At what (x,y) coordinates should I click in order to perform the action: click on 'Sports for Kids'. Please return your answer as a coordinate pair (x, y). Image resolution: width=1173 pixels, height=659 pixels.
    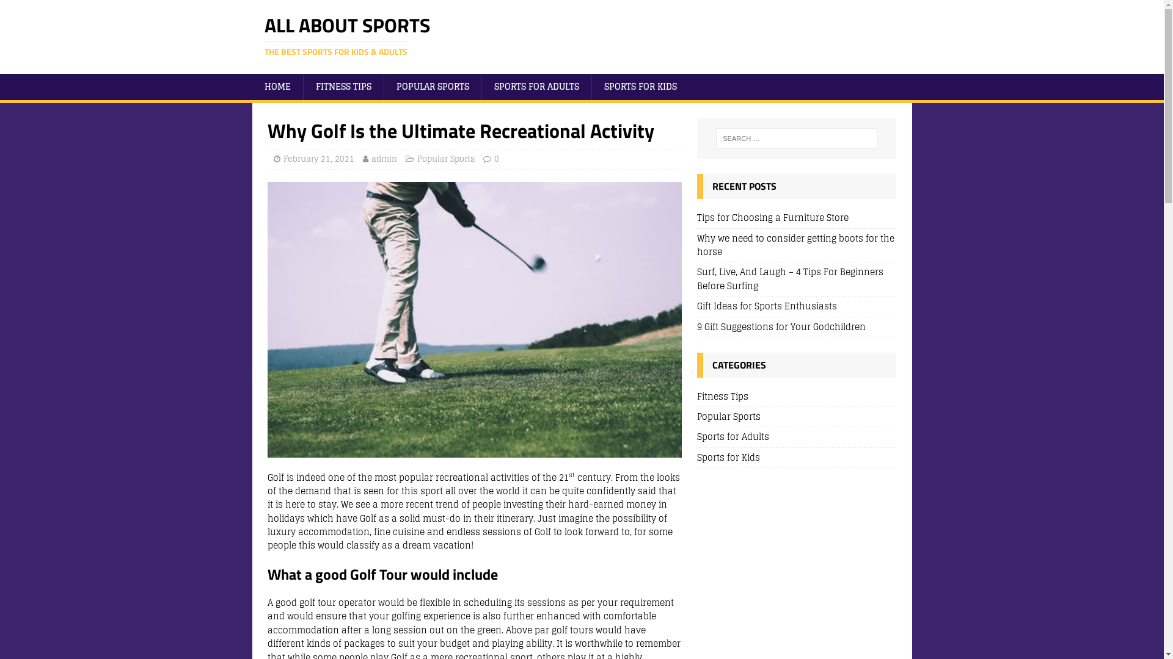
    Looking at the image, I should click on (797, 457).